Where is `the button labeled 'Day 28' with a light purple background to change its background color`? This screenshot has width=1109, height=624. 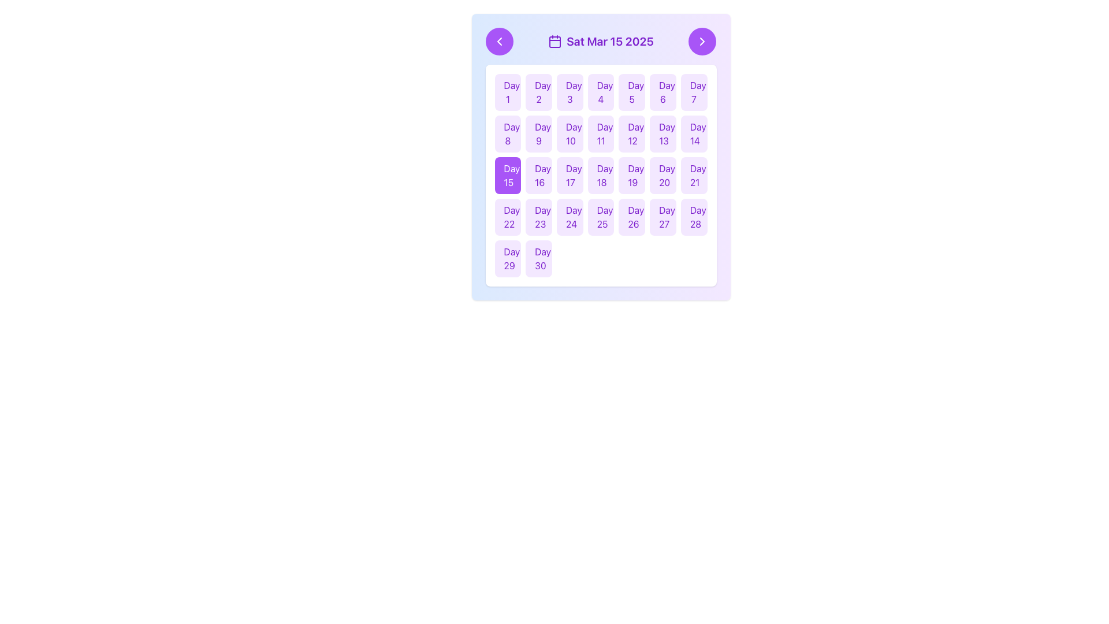
the button labeled 'Day 28' with a light purple background to change its background color is located at coordinates (693, 217).